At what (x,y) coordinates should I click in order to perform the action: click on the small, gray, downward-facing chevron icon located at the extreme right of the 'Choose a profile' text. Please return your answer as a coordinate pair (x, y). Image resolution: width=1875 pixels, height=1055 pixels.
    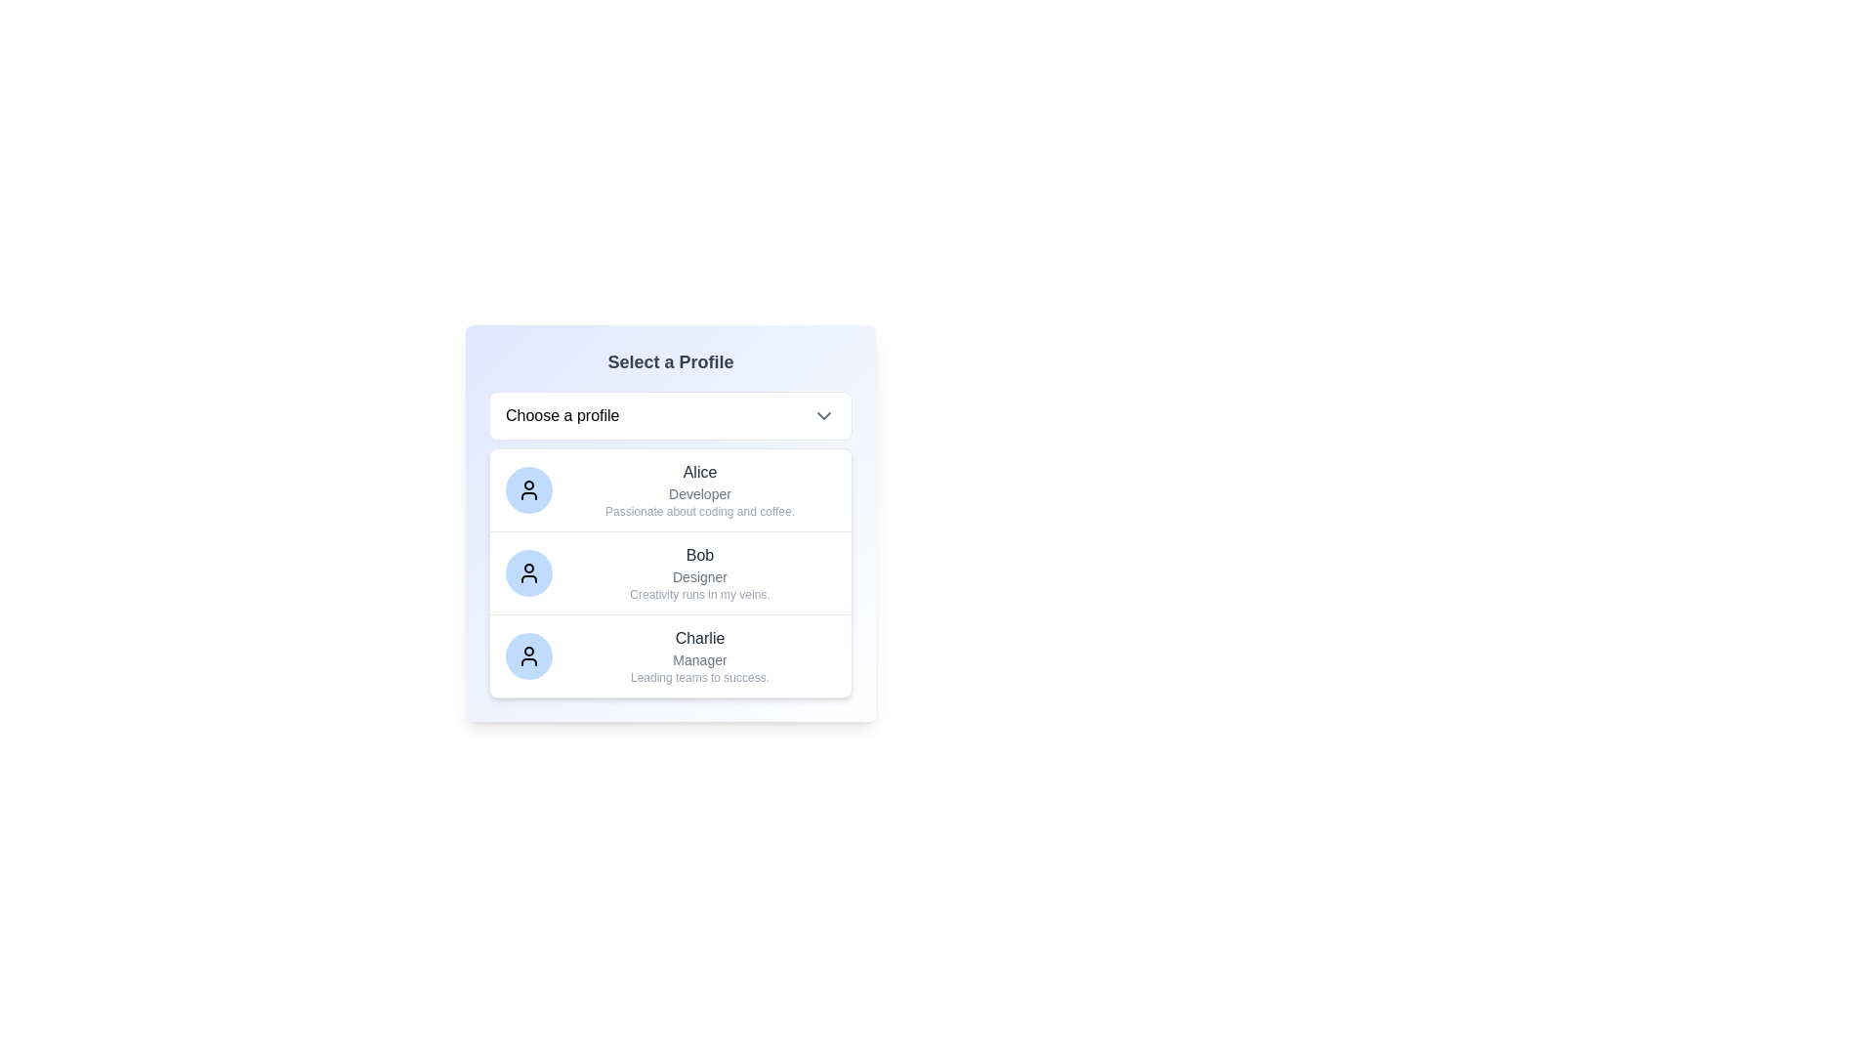
    Looking at the image, I should click on (824, 414).